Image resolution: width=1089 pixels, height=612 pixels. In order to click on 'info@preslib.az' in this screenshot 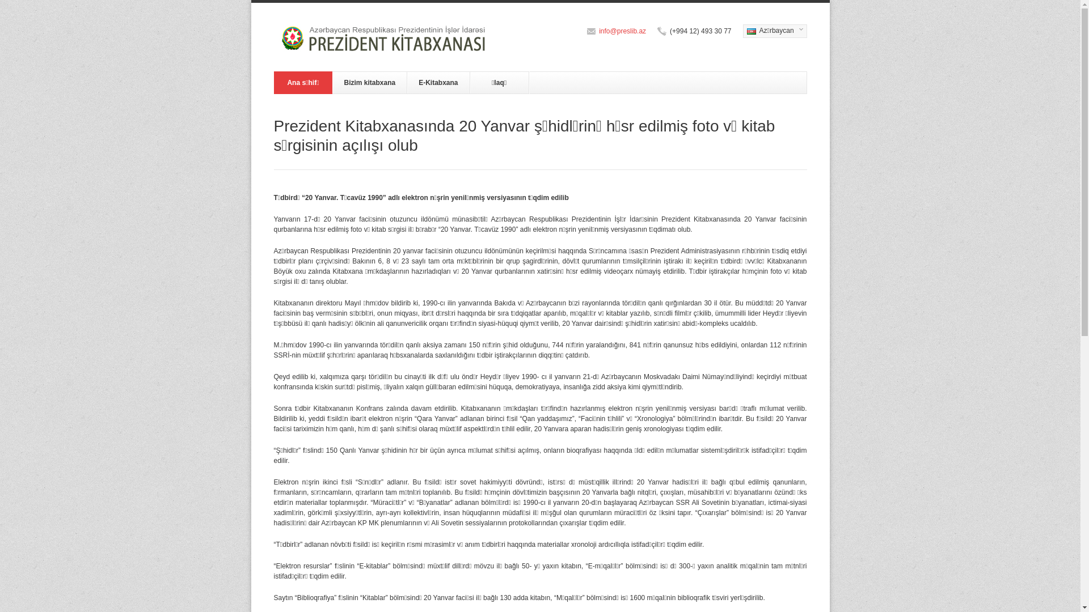, I will do `click(598, 30)`.